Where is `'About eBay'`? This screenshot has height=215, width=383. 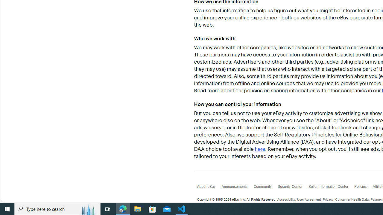 'About eBay' is located at coordinates (209, 188).